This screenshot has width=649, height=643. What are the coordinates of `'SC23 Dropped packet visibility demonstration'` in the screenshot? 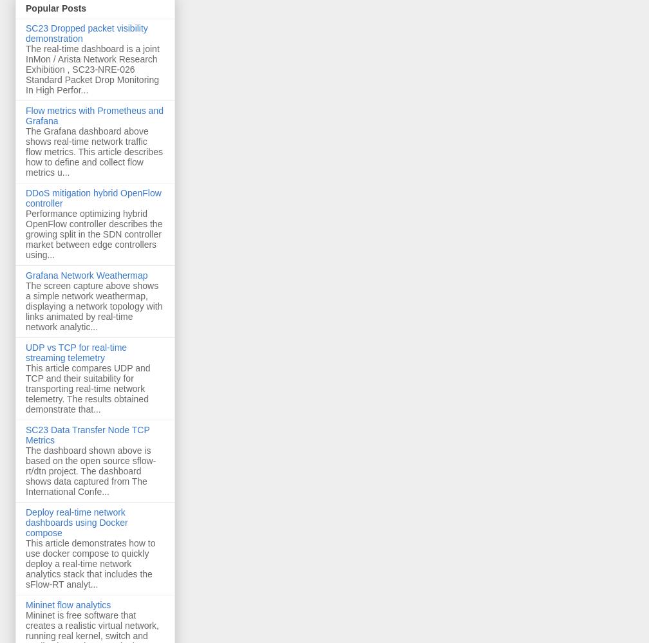 It's located at (86, 33).